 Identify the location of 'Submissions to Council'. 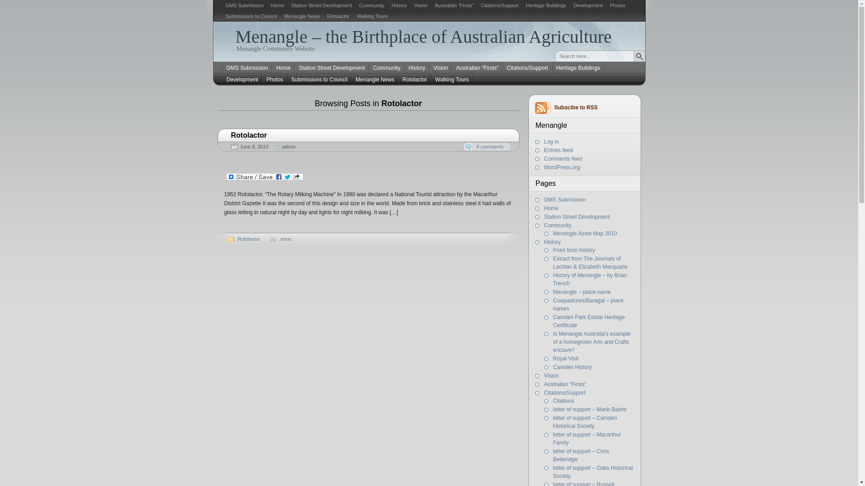
(250, 16).